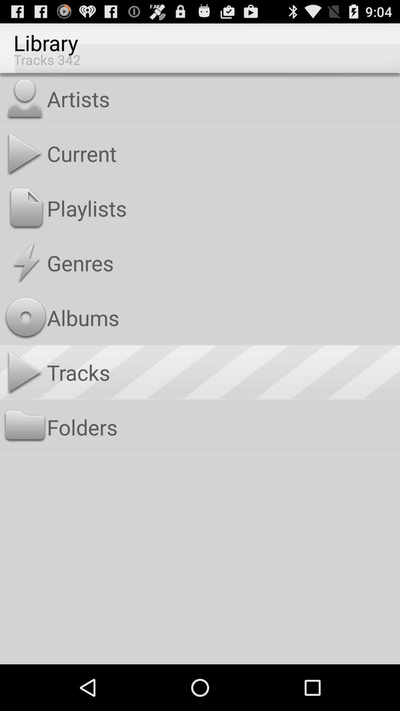 This screenshot has height=711, width=400. I want to click on playlists, so click(221, 208).